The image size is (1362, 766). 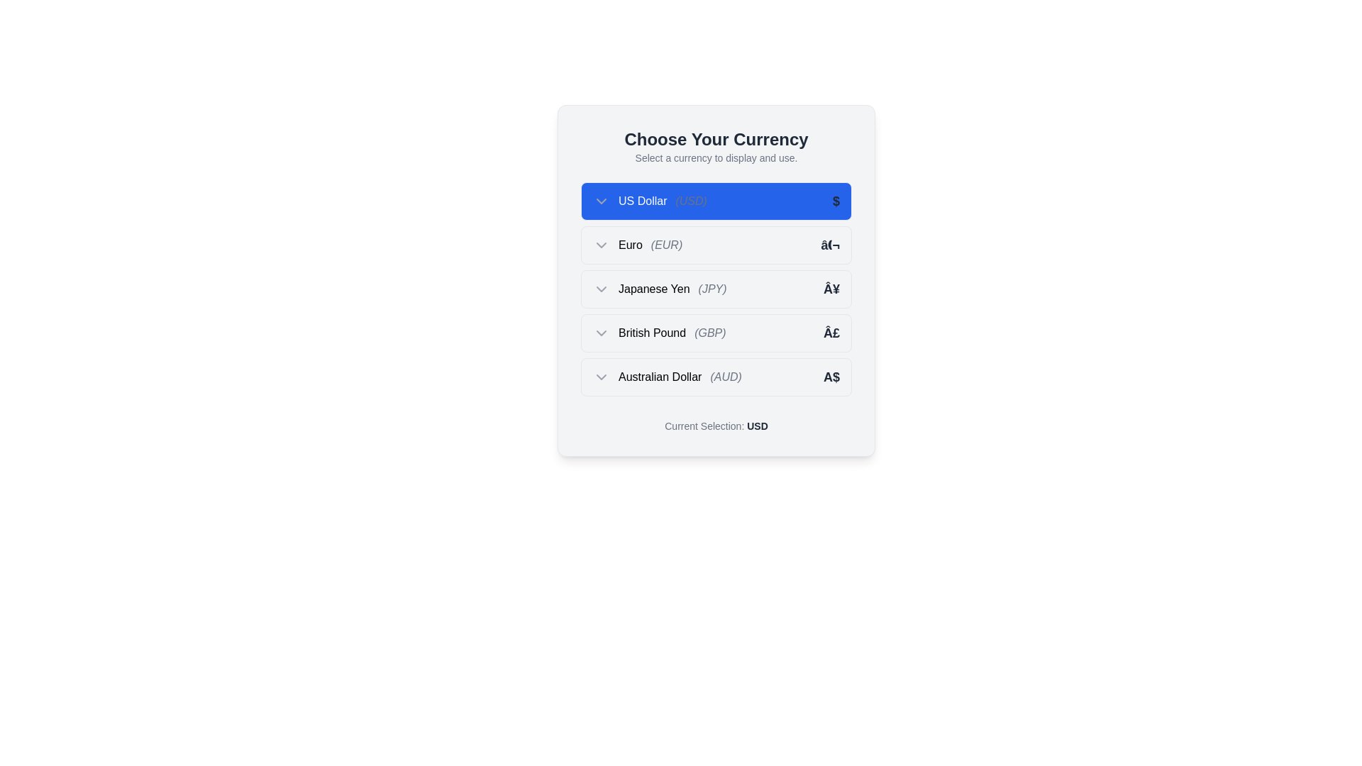 I want to click on the British Pound currency option, which is the third selectable option in the list of currency choices, so click(x=658, y=333).